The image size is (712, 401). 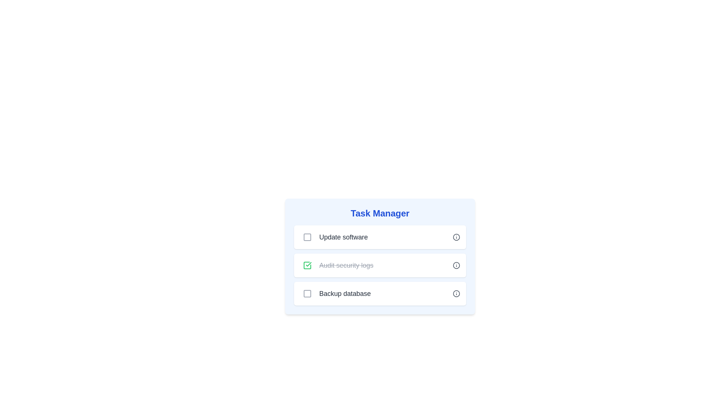 I want to click on the boundary shape of the checkbox labeled 'Audit security logs' in the middle task row within the 'Task Manager' section, so click(x=307, y=265).